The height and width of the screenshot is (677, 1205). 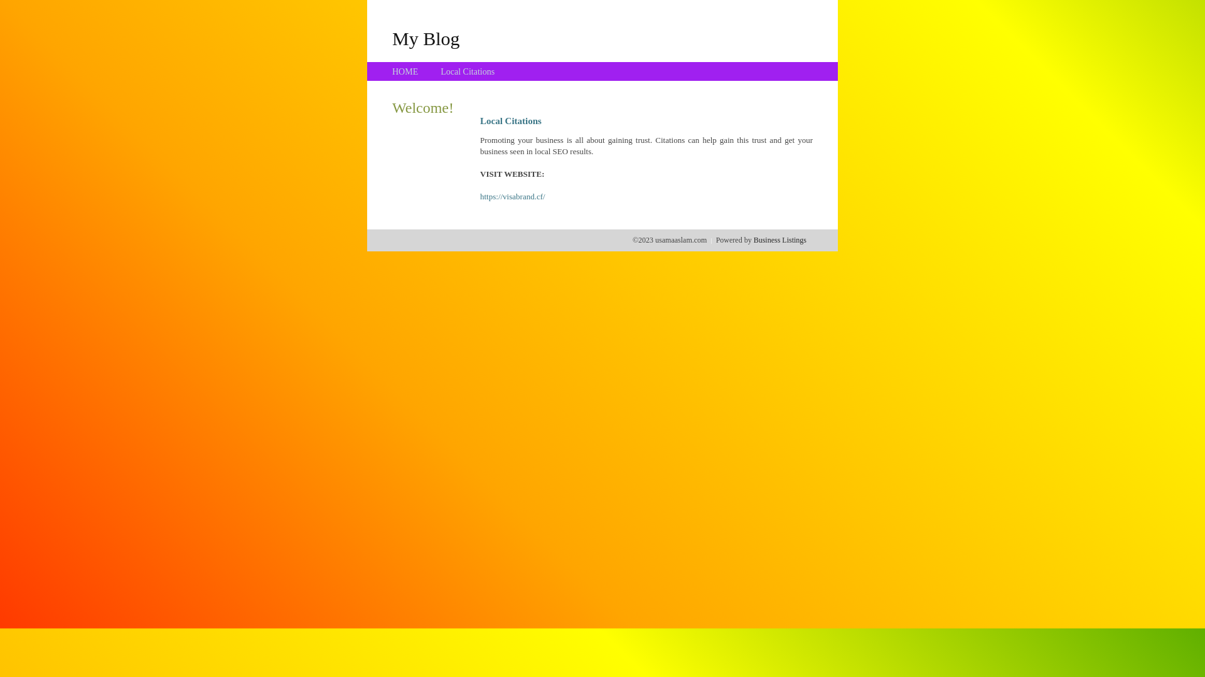 I want to click on 'https://visabrand.cf/', so click(x=512, y=196).